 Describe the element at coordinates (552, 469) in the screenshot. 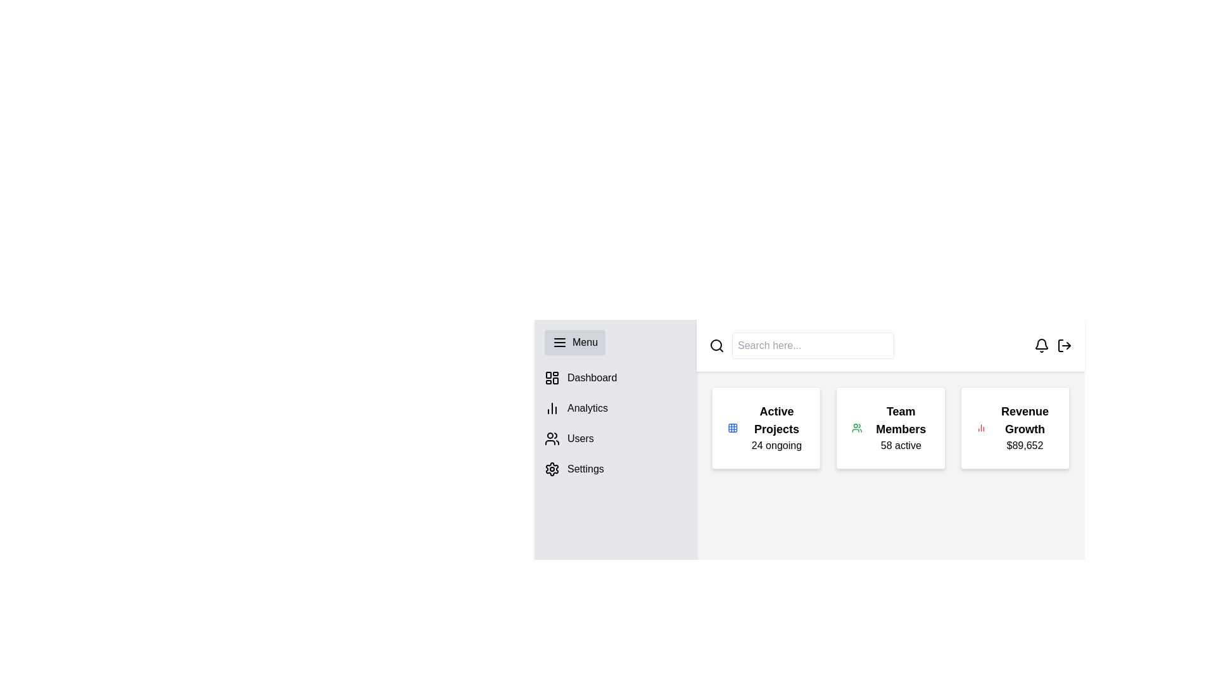

I see `the gear icon representing the 'Settings' option in the sidebar menu, located to the left of the text 'Settings'` at that location.